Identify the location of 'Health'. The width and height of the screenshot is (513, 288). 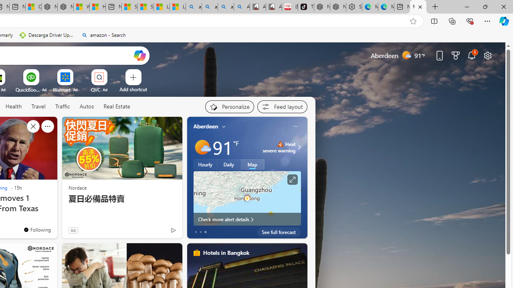
(14, 106).